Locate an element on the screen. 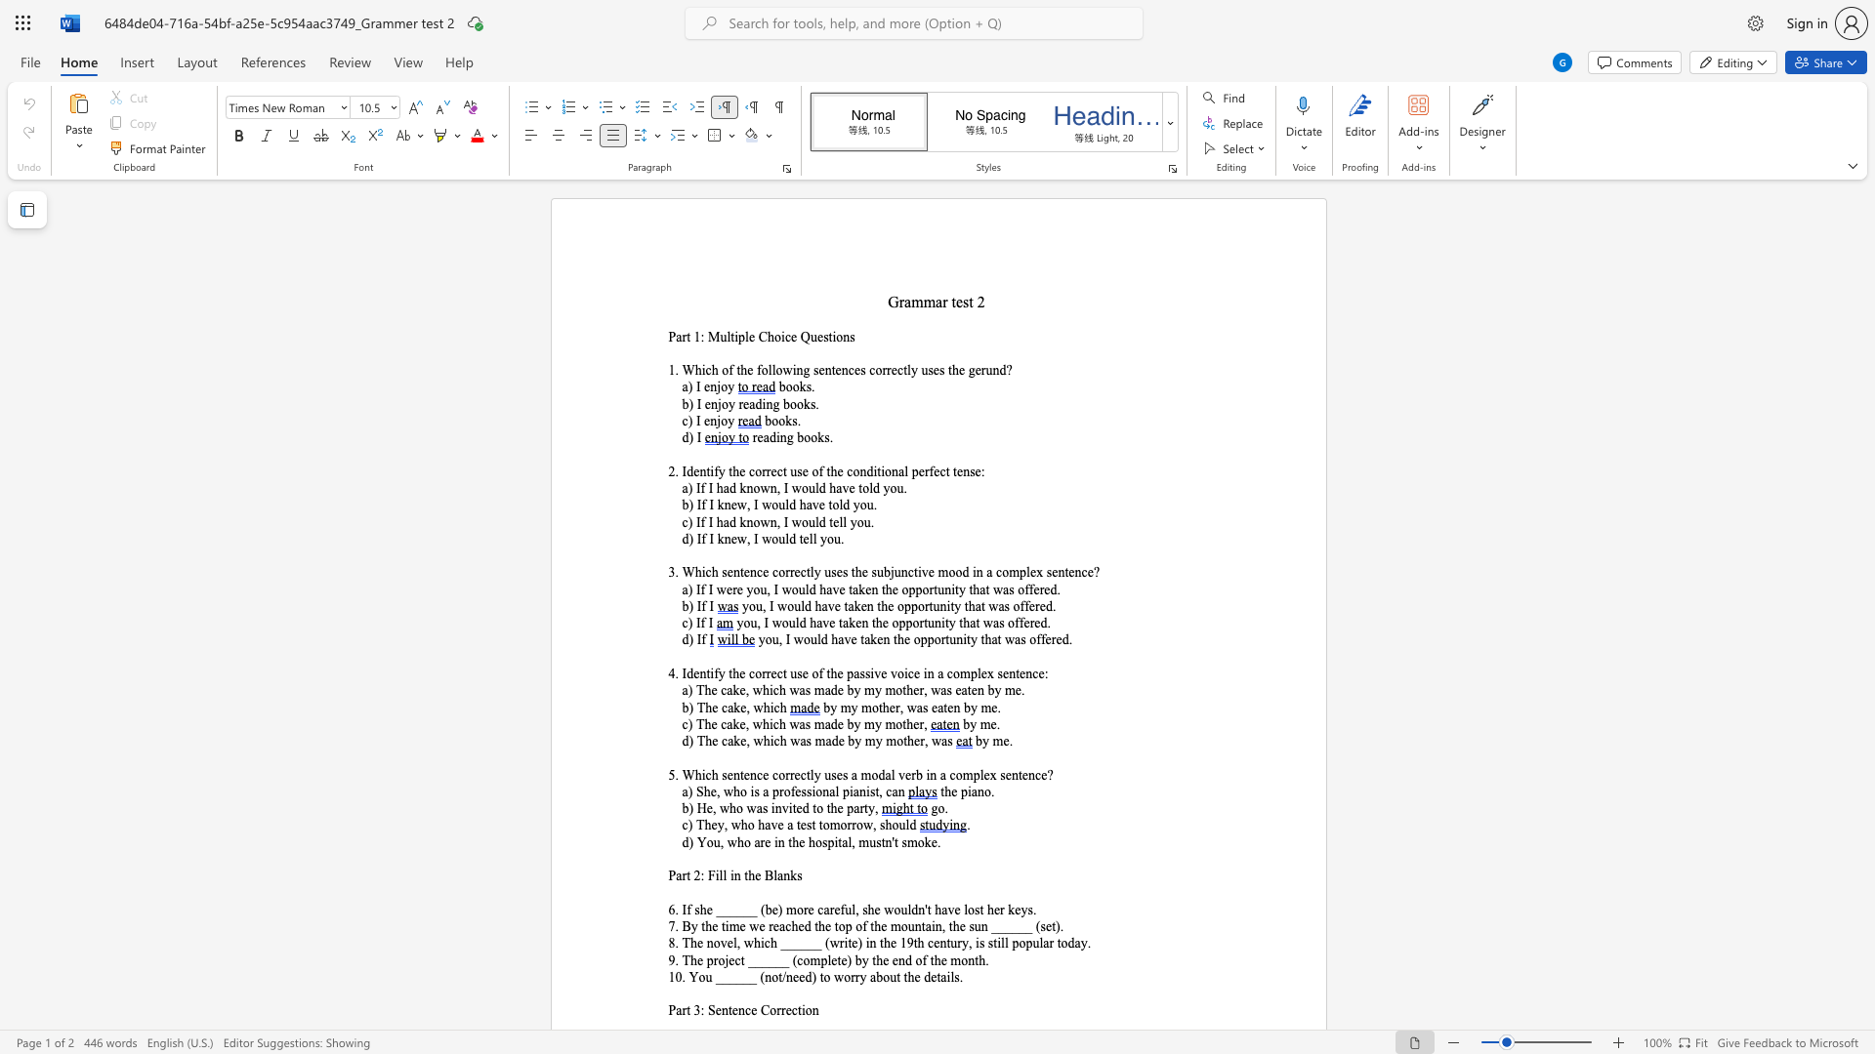  the space between the continuous character "i" and "t" in the text is located at coordinates (848, 942).